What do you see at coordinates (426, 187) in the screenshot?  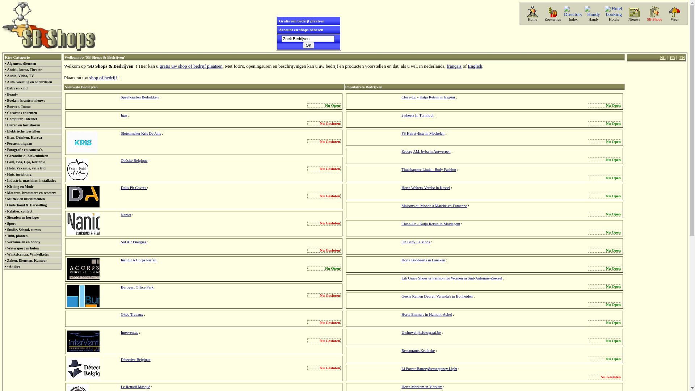 I see `'Horta Welters-Verelst in Kessel'` at bounding box center [426, 187].